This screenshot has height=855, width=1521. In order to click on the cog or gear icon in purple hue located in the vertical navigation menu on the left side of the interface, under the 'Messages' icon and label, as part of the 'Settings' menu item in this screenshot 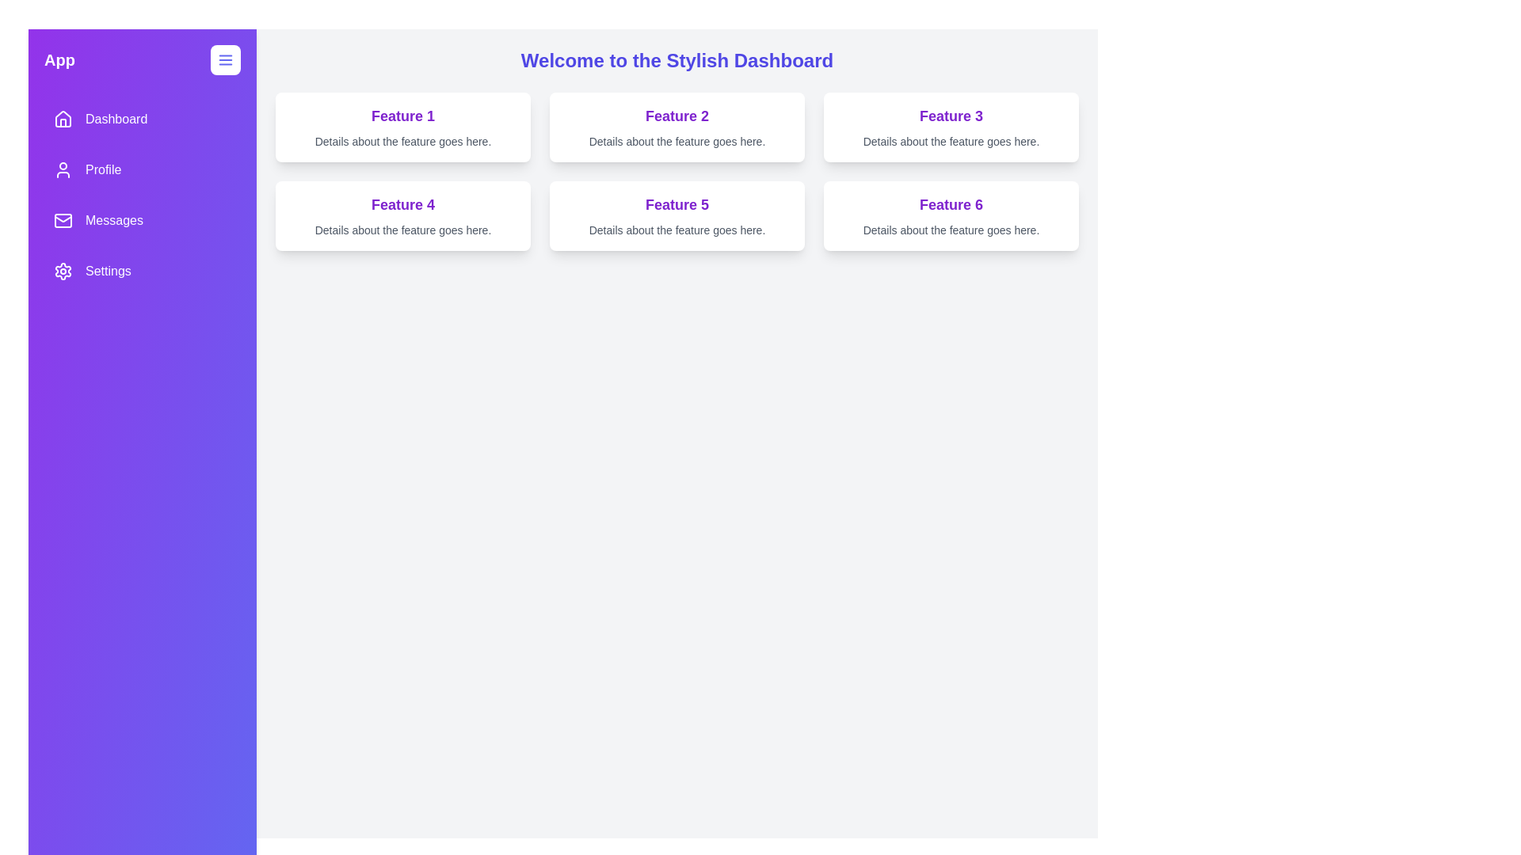, I will do `click(63, 271)`.